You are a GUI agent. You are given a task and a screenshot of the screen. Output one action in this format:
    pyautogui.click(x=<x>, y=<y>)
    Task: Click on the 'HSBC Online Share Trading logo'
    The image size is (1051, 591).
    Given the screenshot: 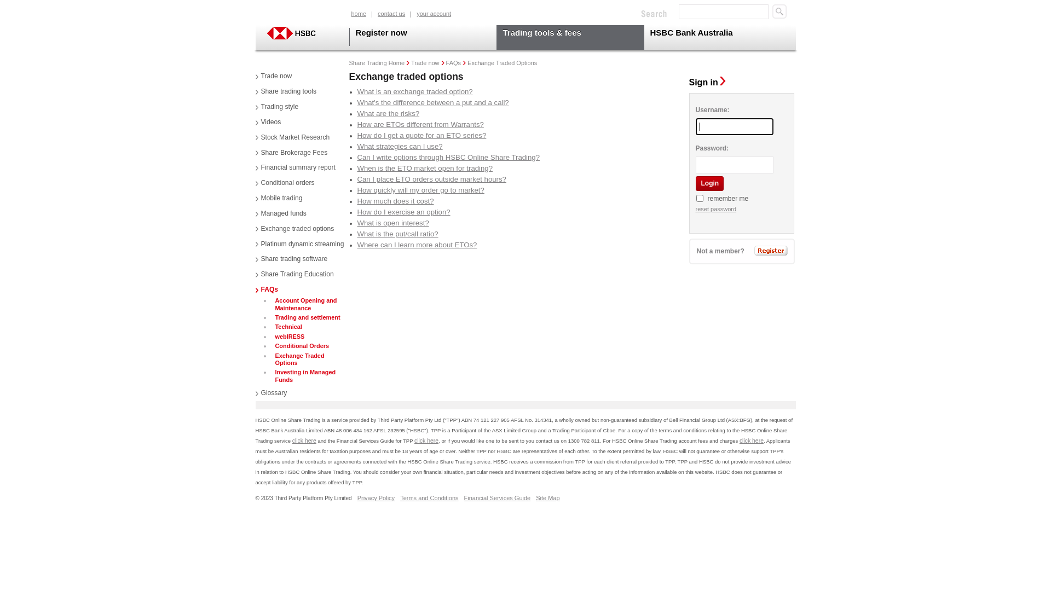 What is the action you would take?
    pyautogui.click(x=263, y=32)
    